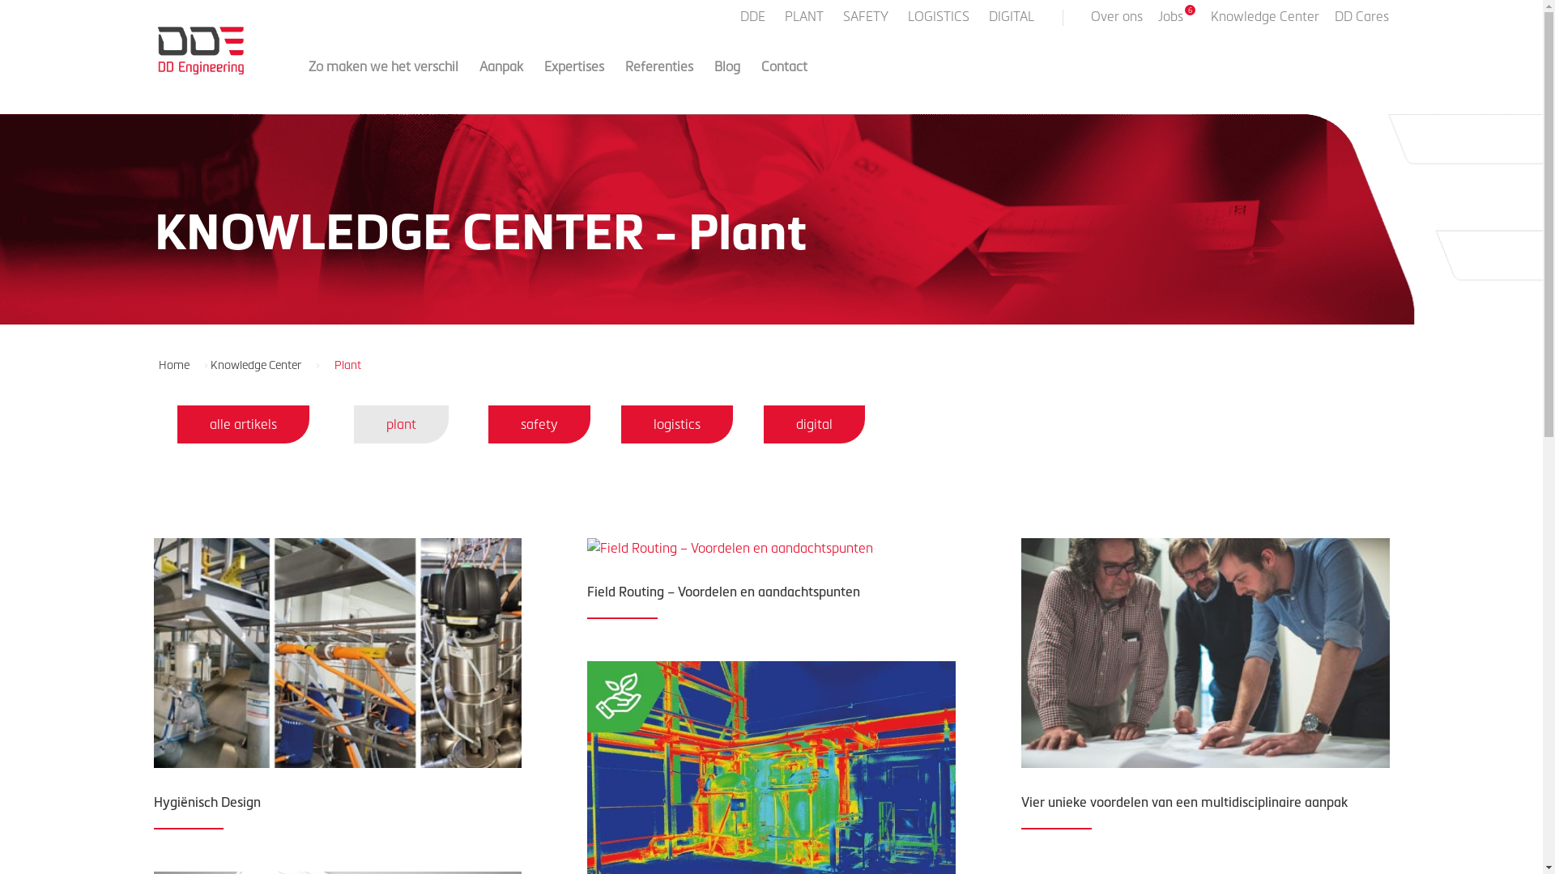 Image resolution: width=1555 pixels, height=874 pixels. Describe the element at coordinates (1361, 21) in the screenshot. I see `'DD Cares'` at that location.